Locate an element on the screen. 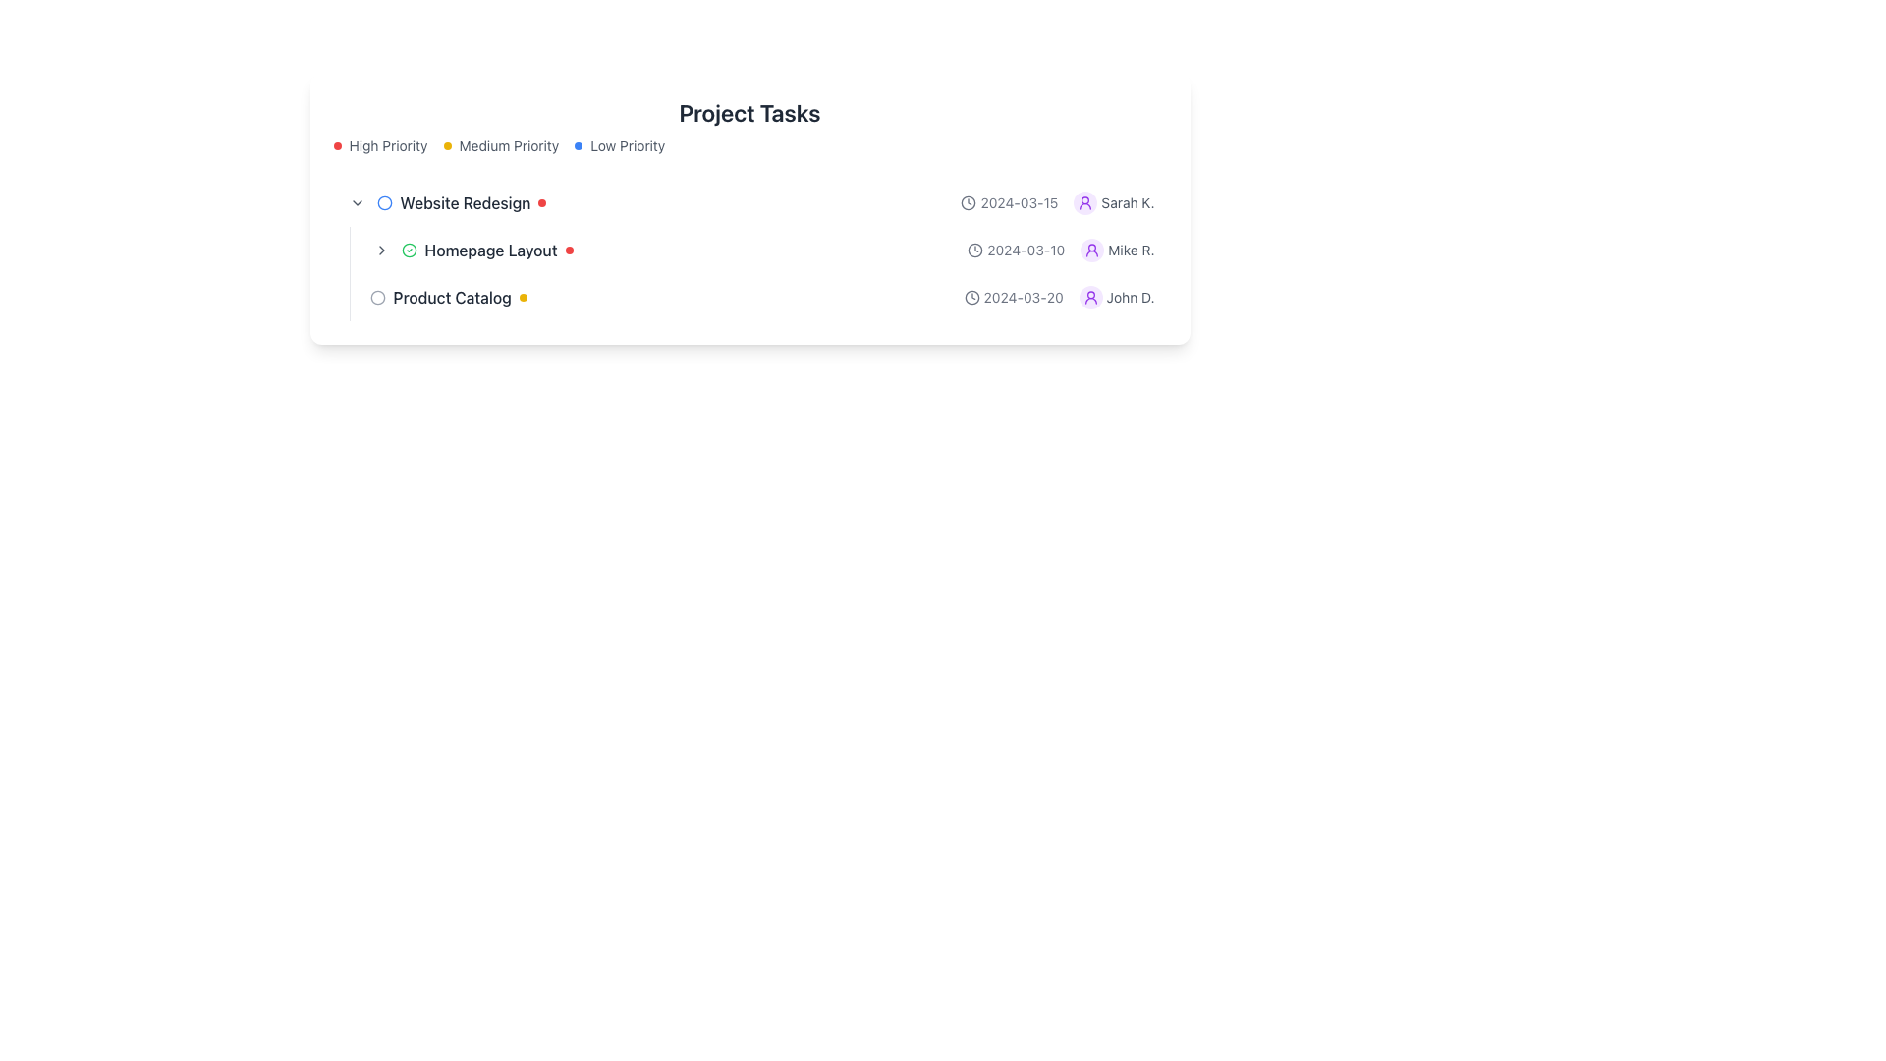 Image resolution: width=1886 pixels, height=1061 pixels. the Text and Icon Group containing the date '2024-03-10', a clock icon, and an avatar icon for 'Mike R.' is located at coordinates (1060, 249).